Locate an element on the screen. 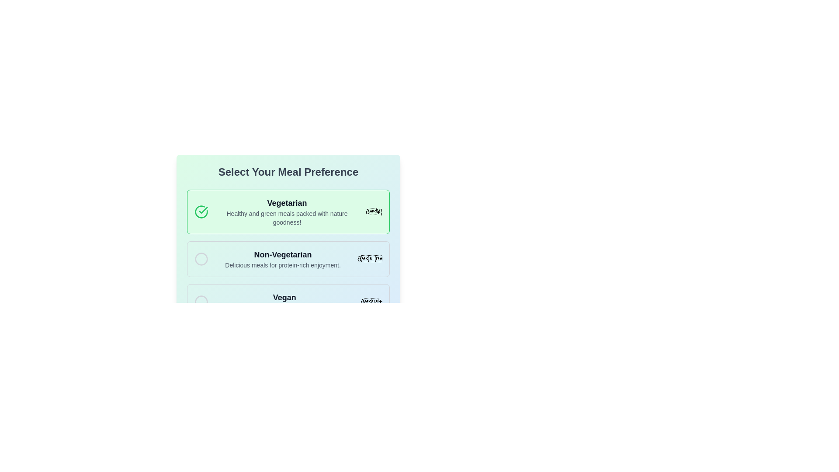  the Circle indicator for the 'Non-Vegetarian' meal option is located at coordinates (201, 259).